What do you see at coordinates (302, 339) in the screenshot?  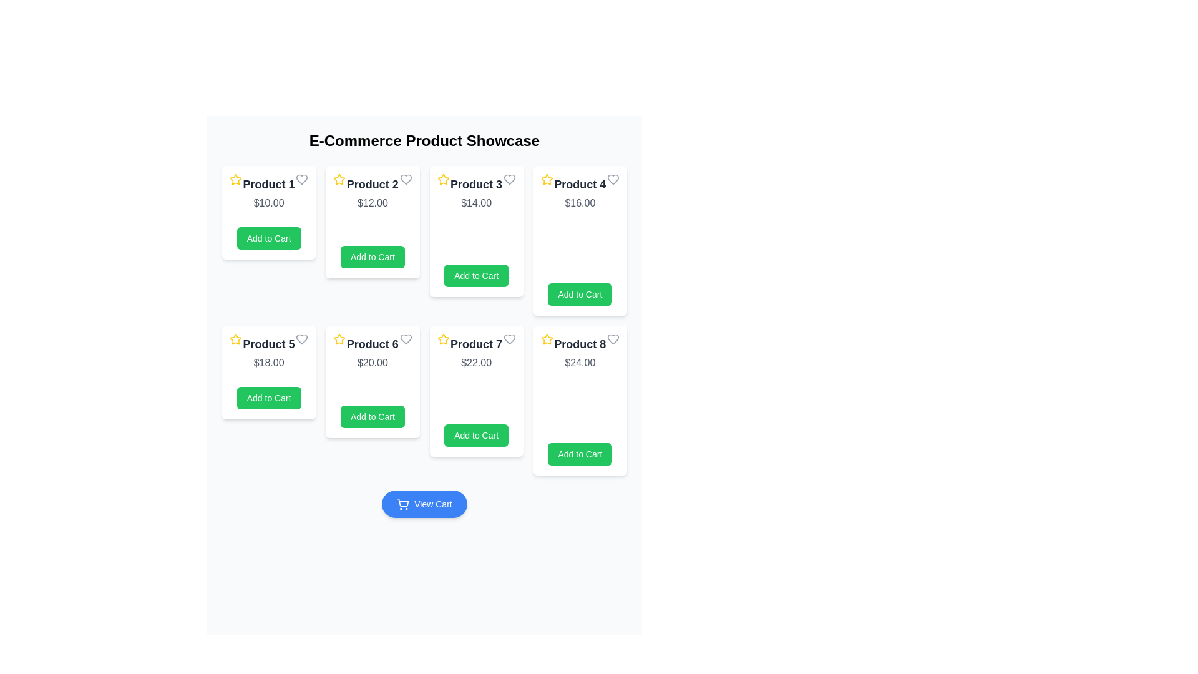 I see `the heart-shaped icon representing the favorite action for 'Product 5'` at bounding box center [302, 339].